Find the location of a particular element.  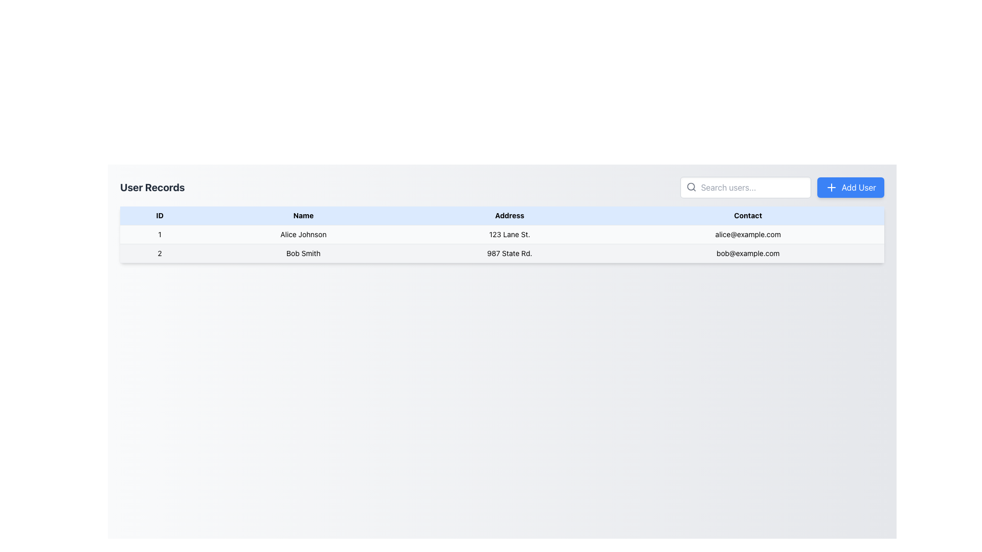

the Text Display element displaying the name 'Alice Johnson' located is located at coordinates (303, 235).